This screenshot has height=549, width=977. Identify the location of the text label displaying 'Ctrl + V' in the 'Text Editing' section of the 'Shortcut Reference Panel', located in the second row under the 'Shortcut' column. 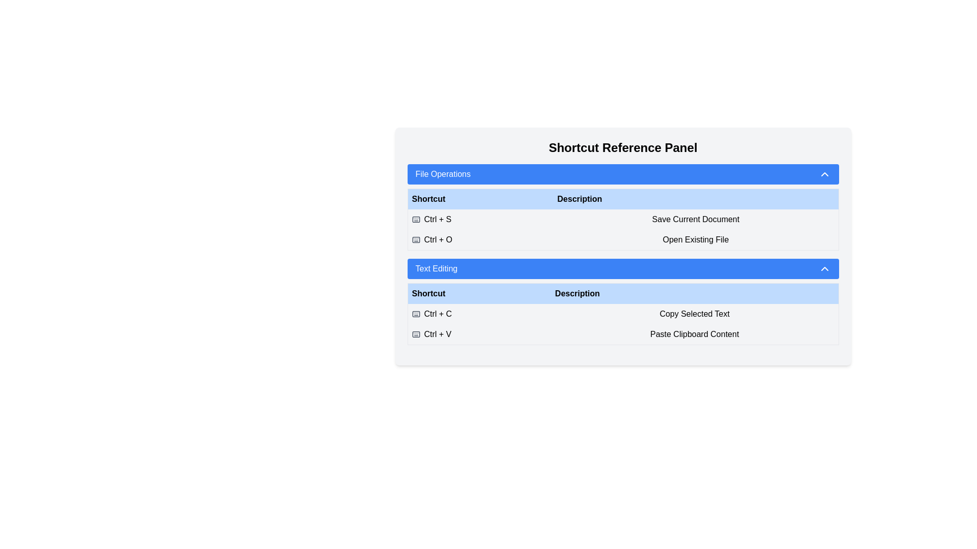
(438, 334).